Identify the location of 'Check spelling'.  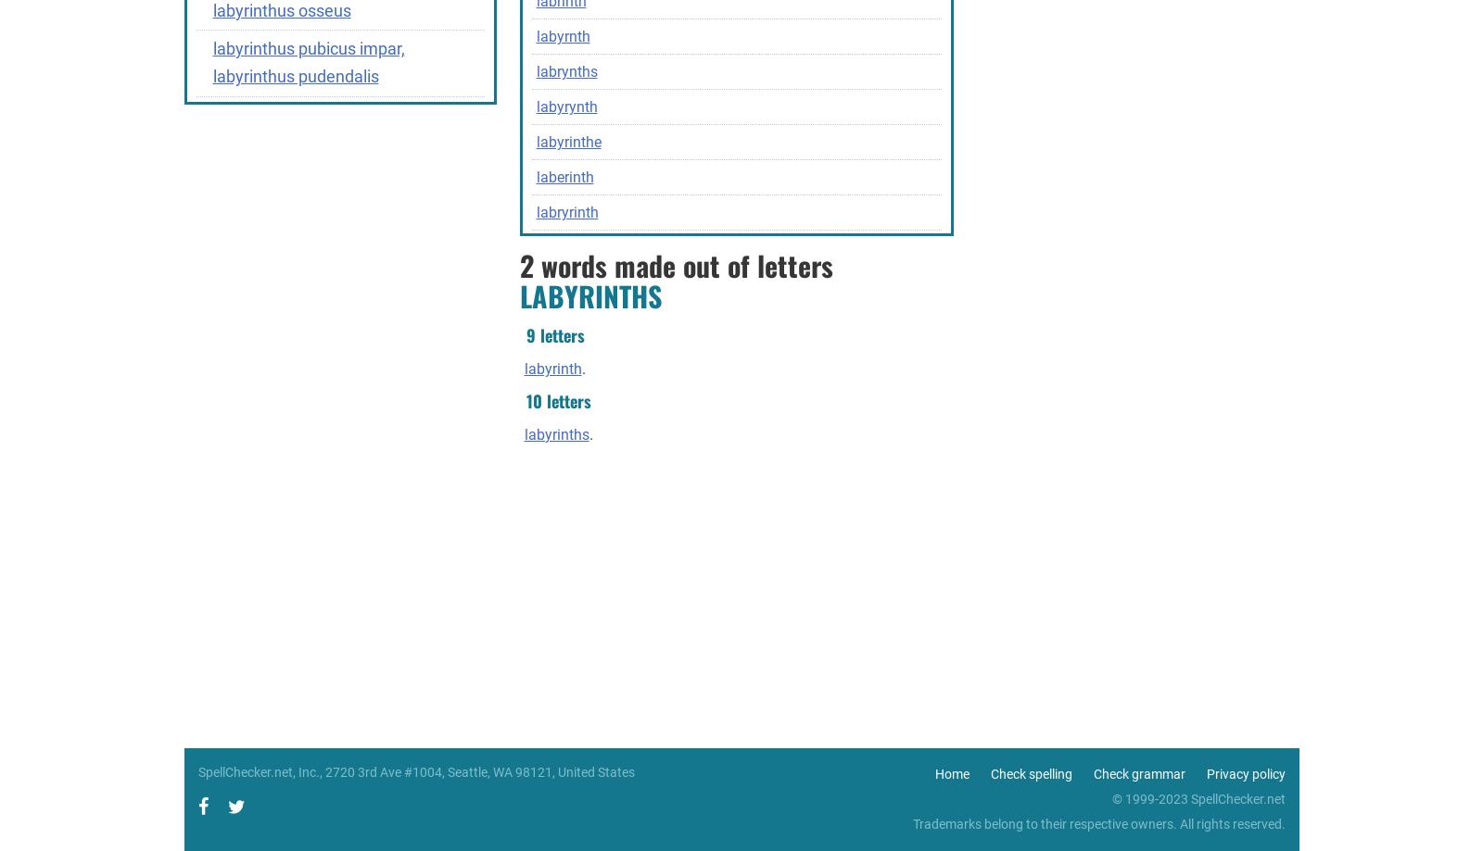
(1031, 772).